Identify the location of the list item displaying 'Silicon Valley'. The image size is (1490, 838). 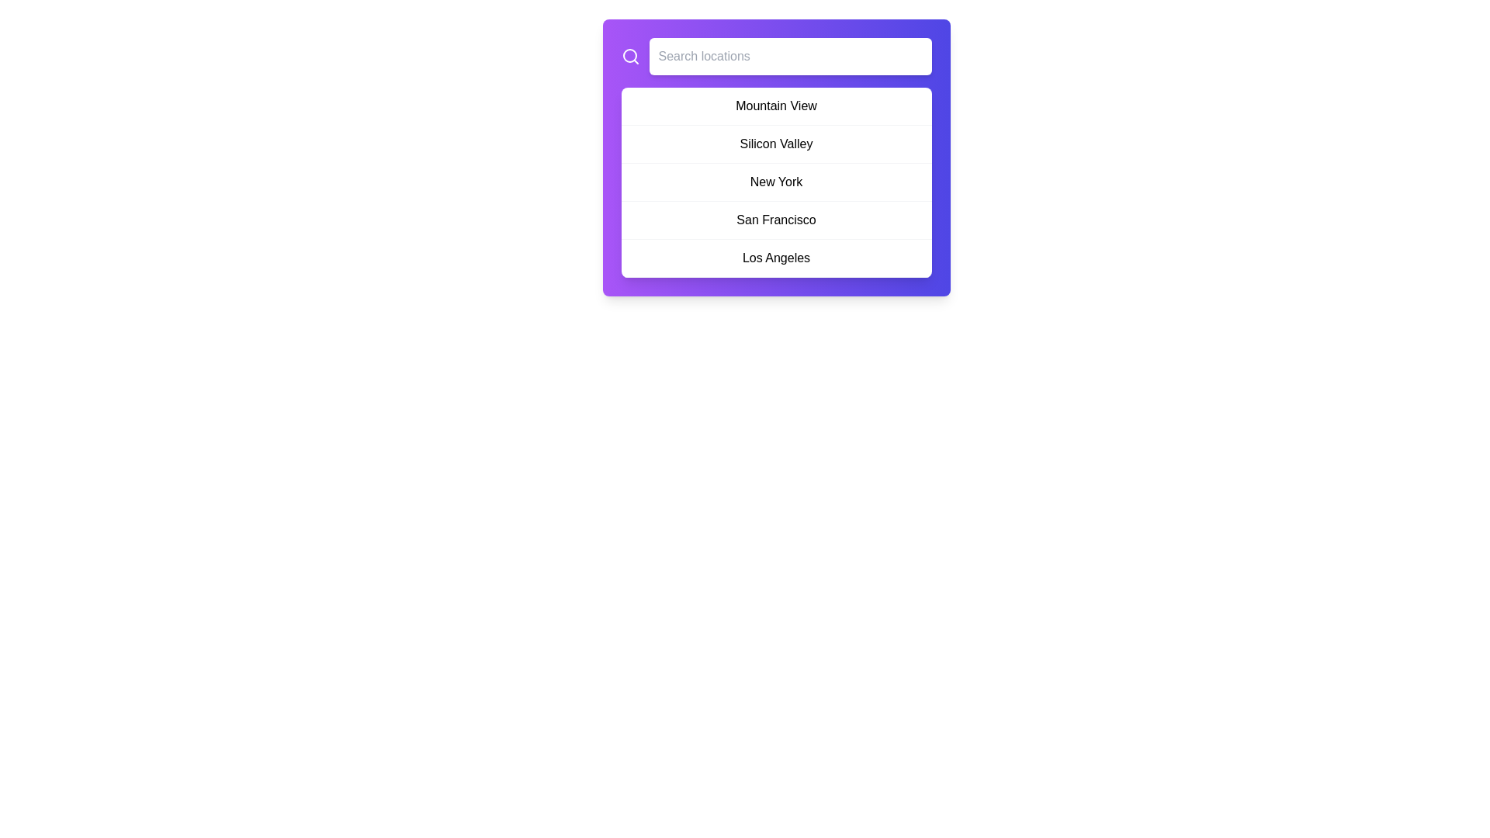
(776, 158).